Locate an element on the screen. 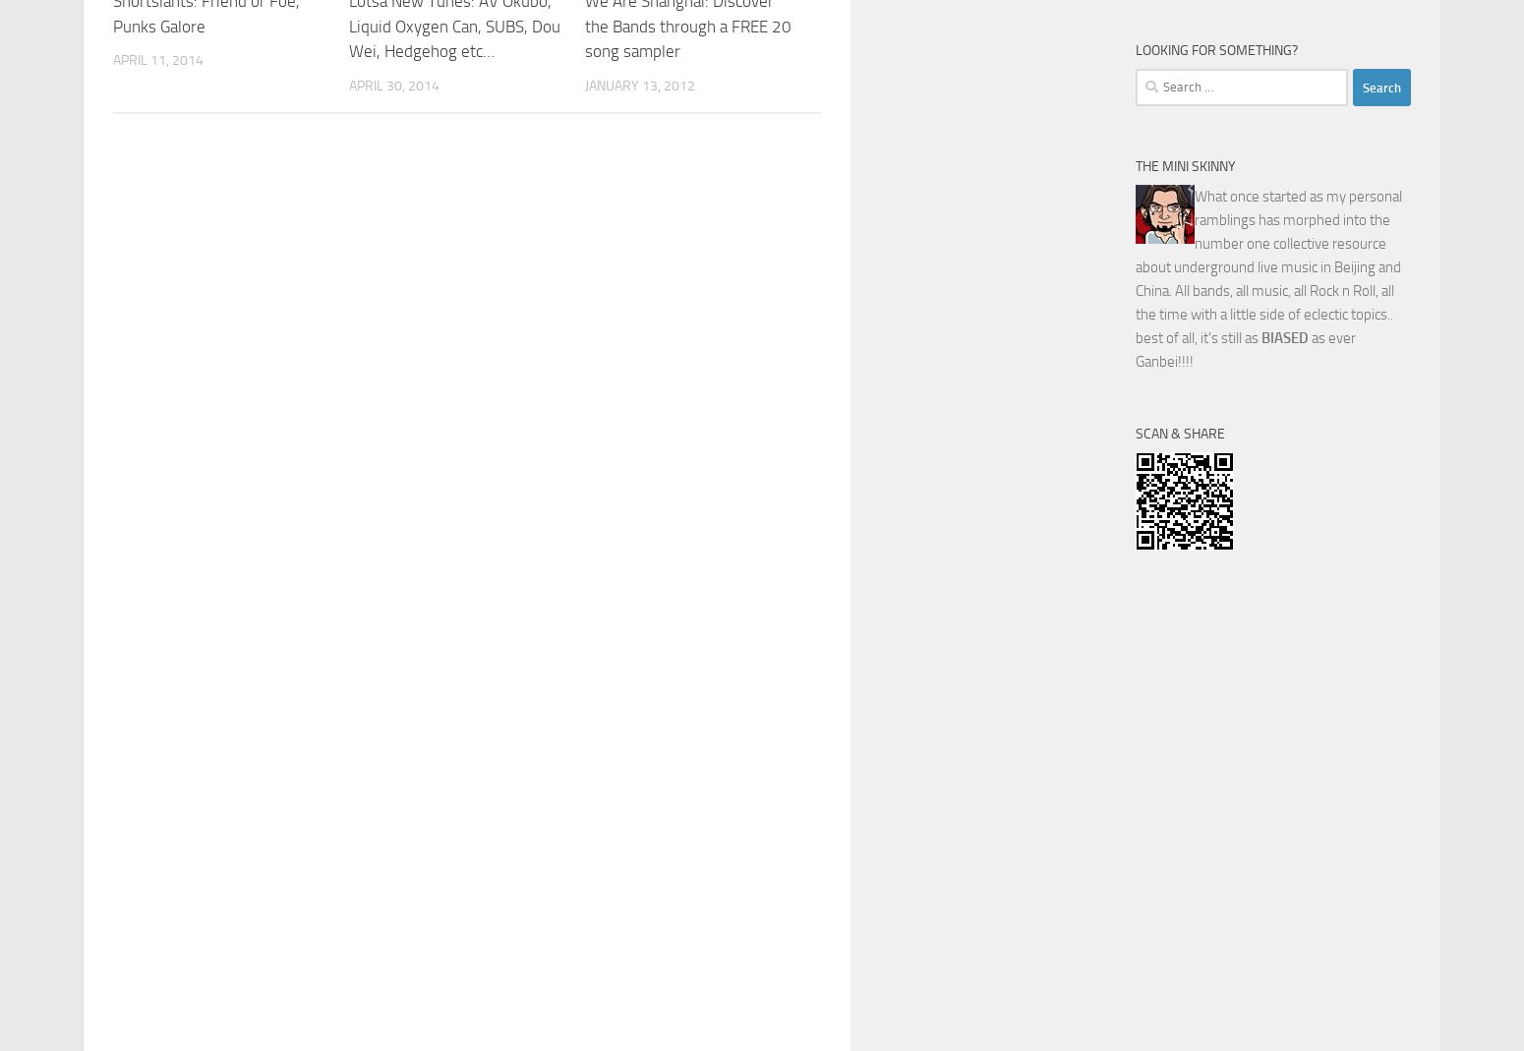 The width and height of the screenshot is (1524, 1051). 'What once started as my personal ramblings has morphed into the number one collective resource about underground live music in Beijing and China. All bands, all music, all Rock n Roll, all the time with a little side of eclectic topics.. best of all, it's still as' is located at coordinates (1135, 265).